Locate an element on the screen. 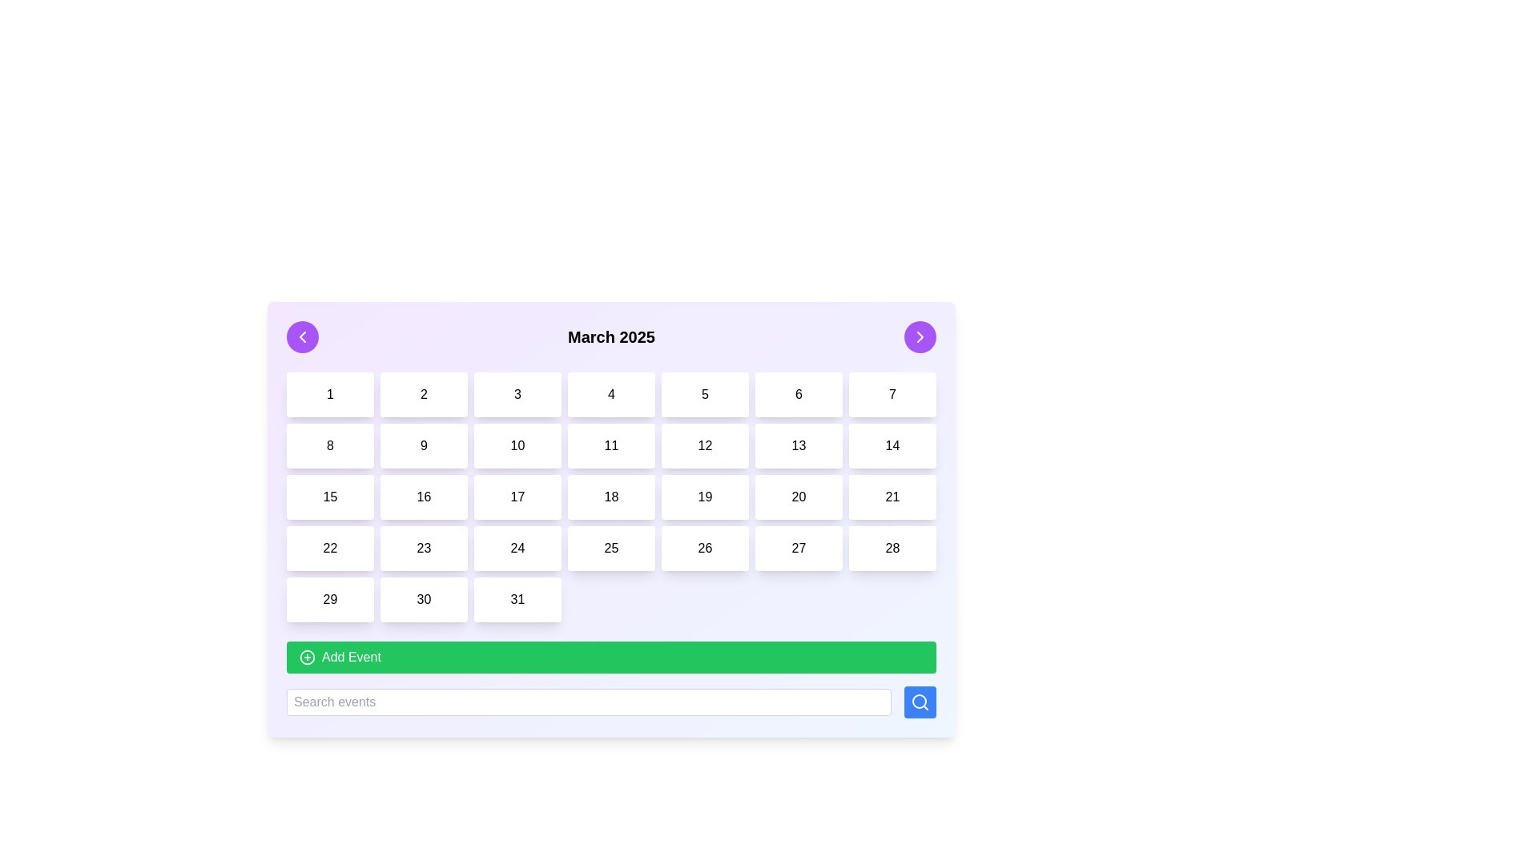 The height and width of the screenshot is (865, 1538). the button that facilitates the creation or addition of a new event, located above the search field and to the left of the blue search button is located at coordinates (610, 658).